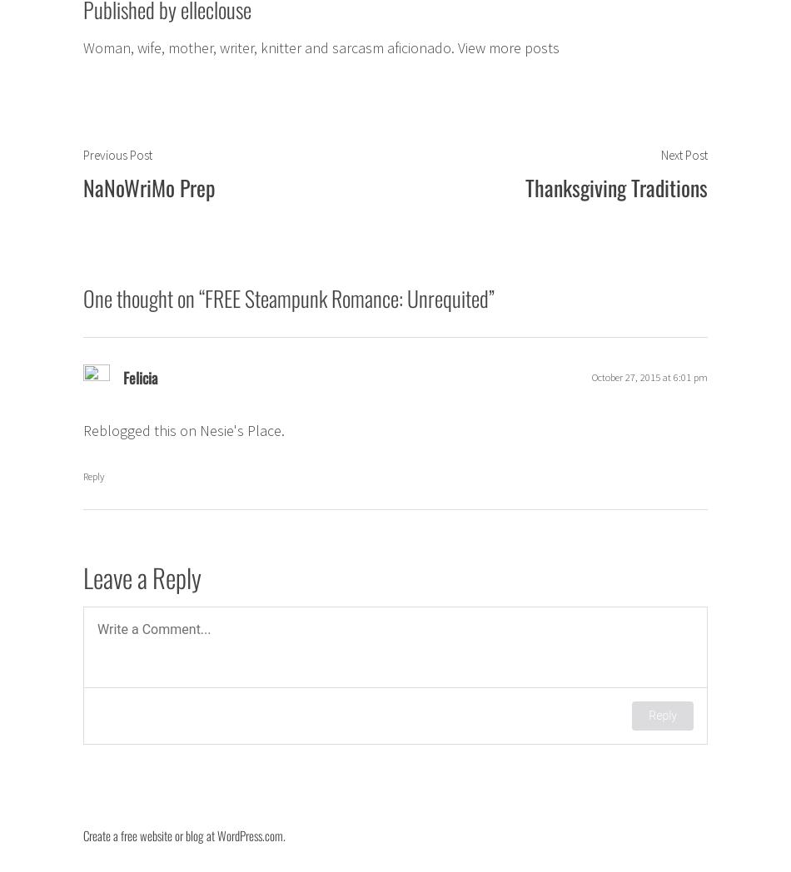 Image resolution: width=791 pixels, height=872 pixels. I want to click on 'Previous Post', so click(117, 153).